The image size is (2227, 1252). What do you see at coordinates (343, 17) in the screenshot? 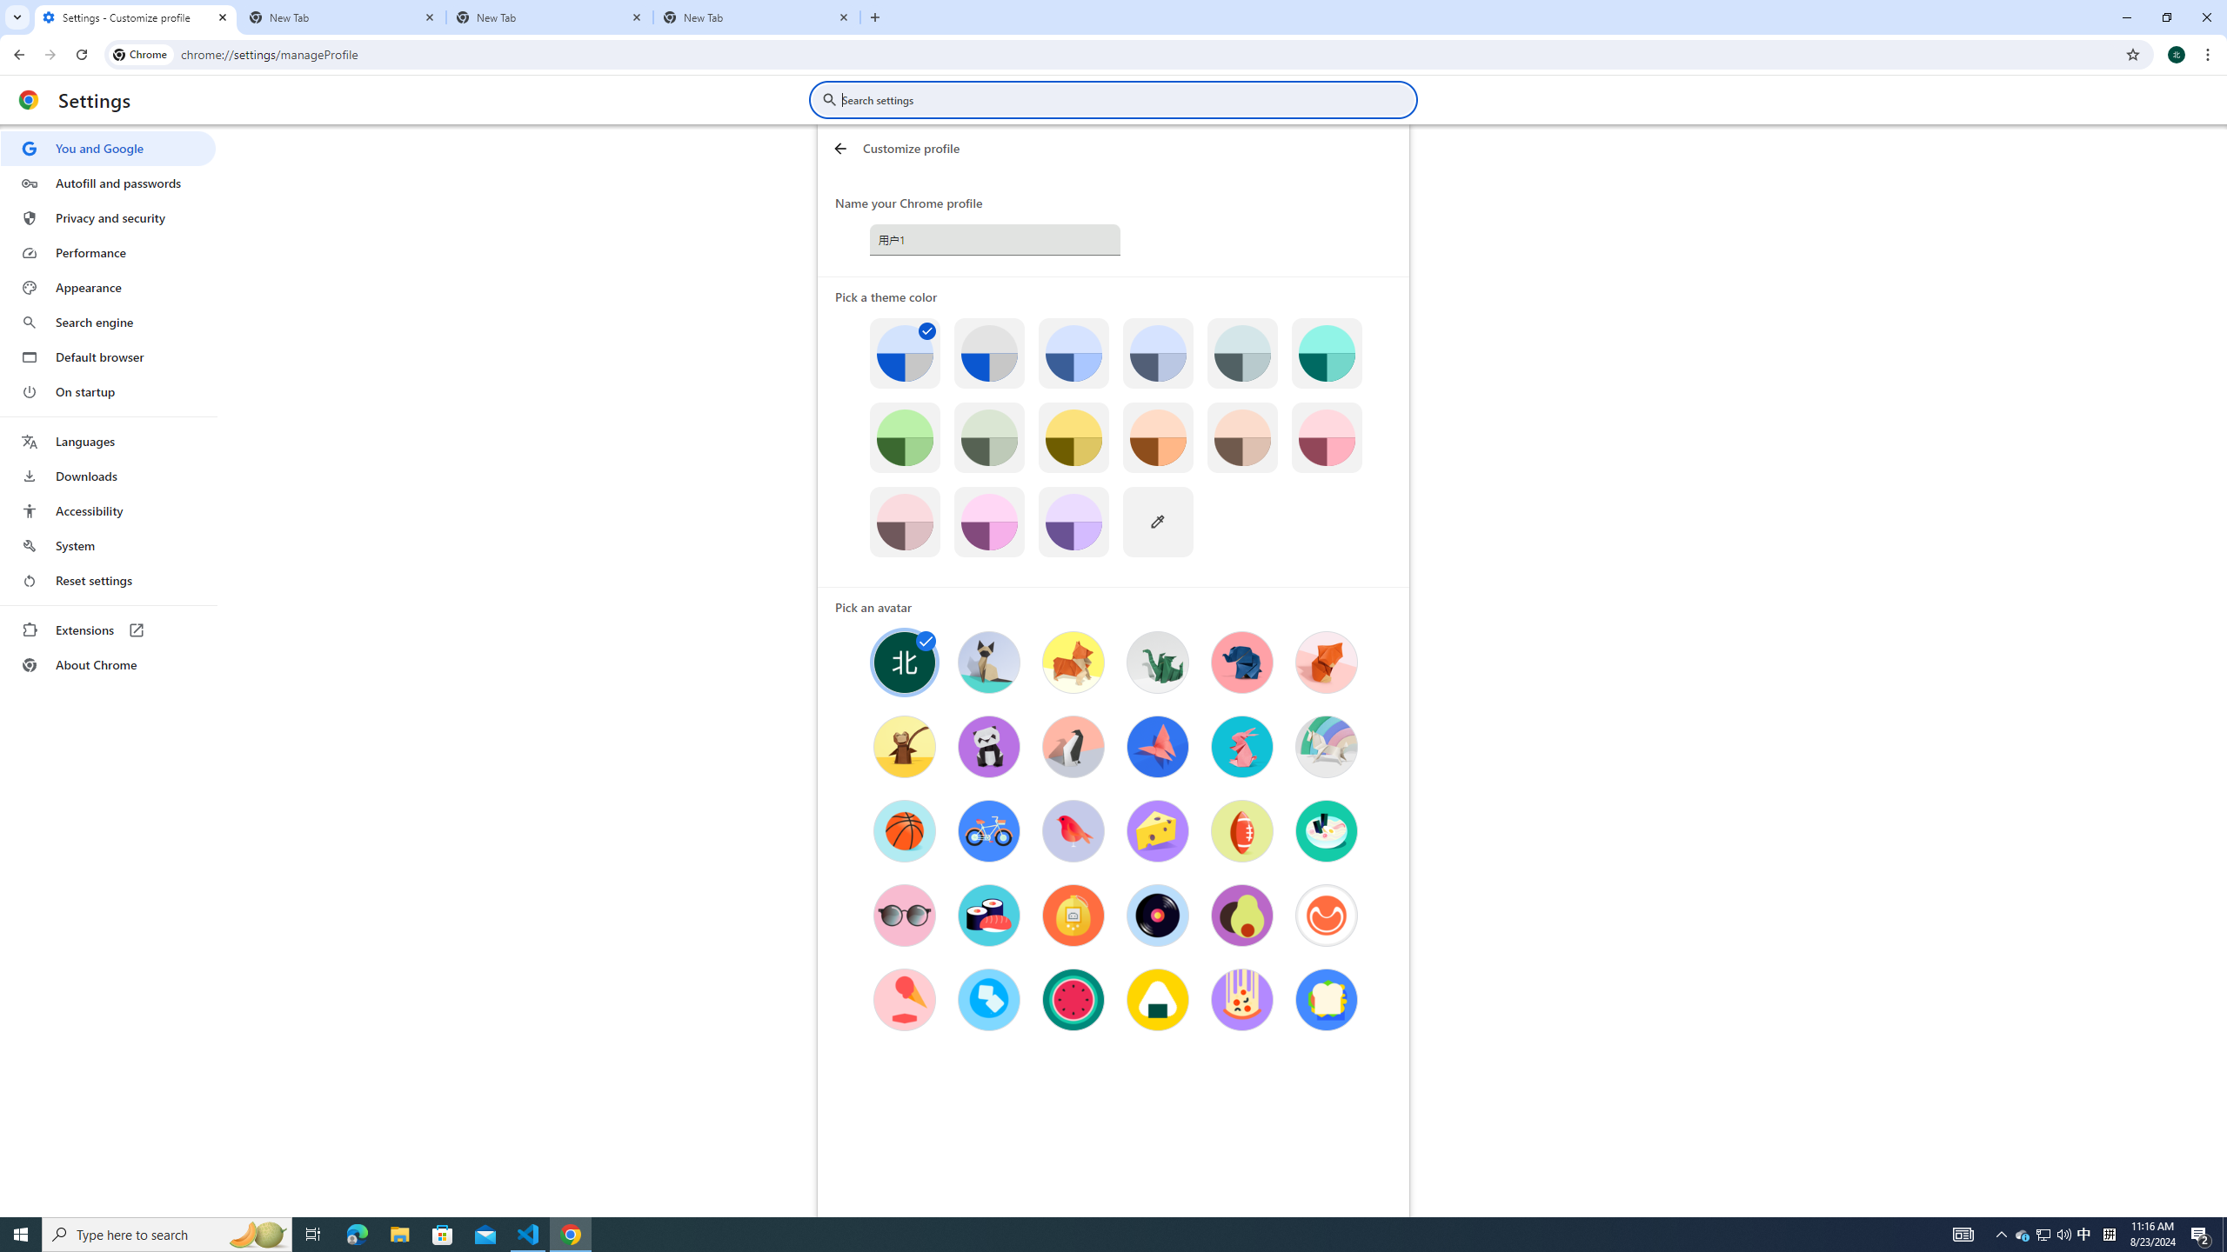
I see `'New Tab'` at bounding box center [343, 17].